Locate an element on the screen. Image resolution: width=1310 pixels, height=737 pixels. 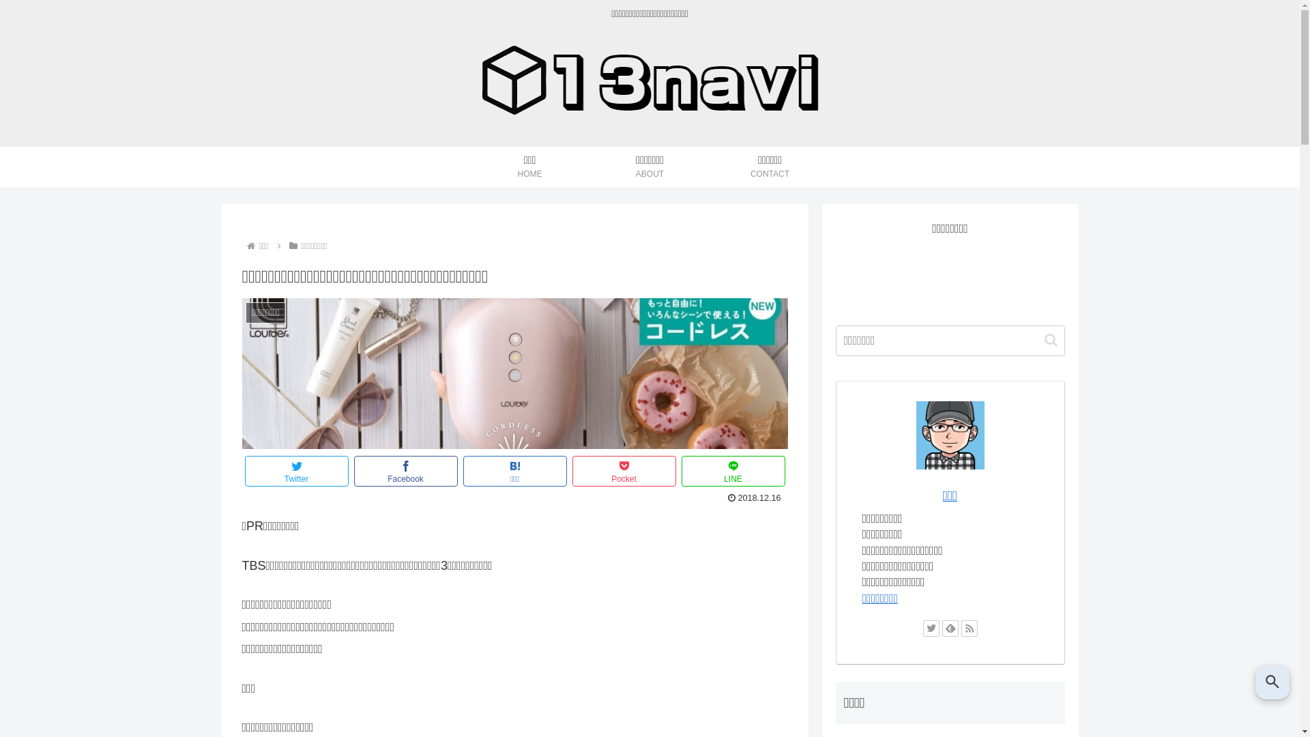
'LINE' is located at coordinates (732, 470).